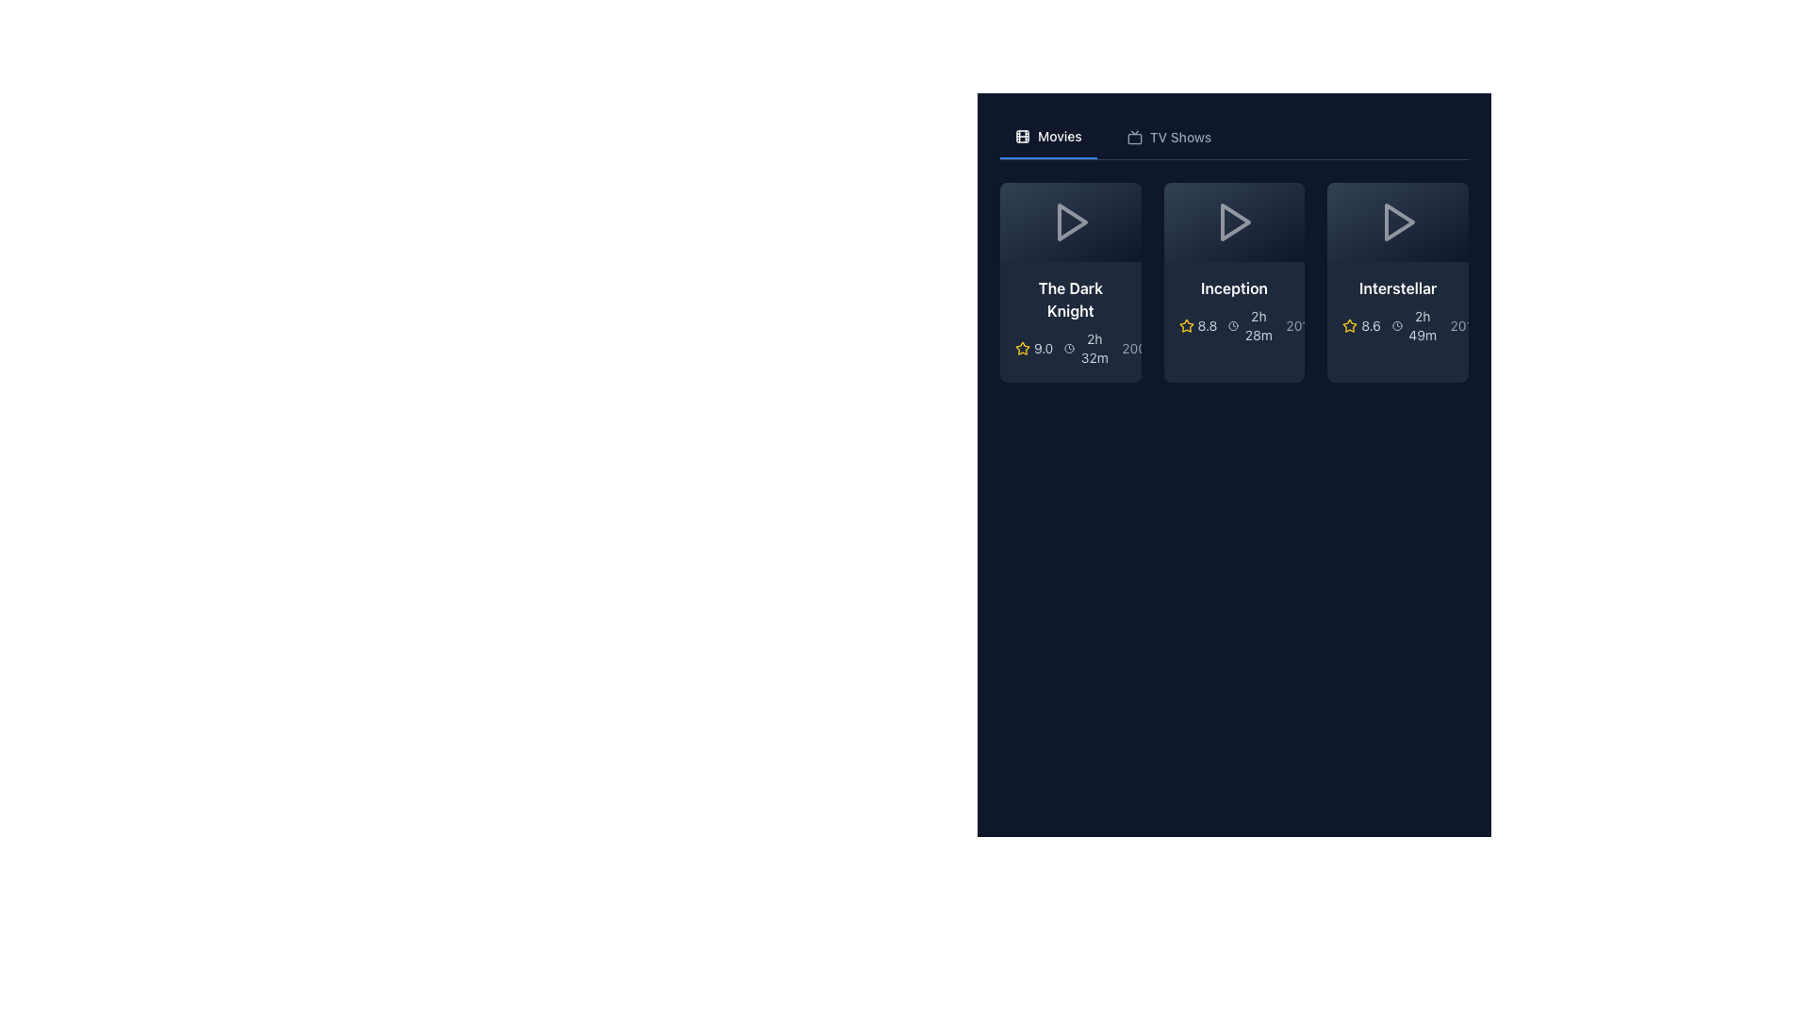 The height and width of the screenshot is (1018, 1810). Describe the element at coordinates (1234, 222) in the screenshot. I see `the play icon located in the second card of the horizontal carousel for the movie 'Inception'` at that location.